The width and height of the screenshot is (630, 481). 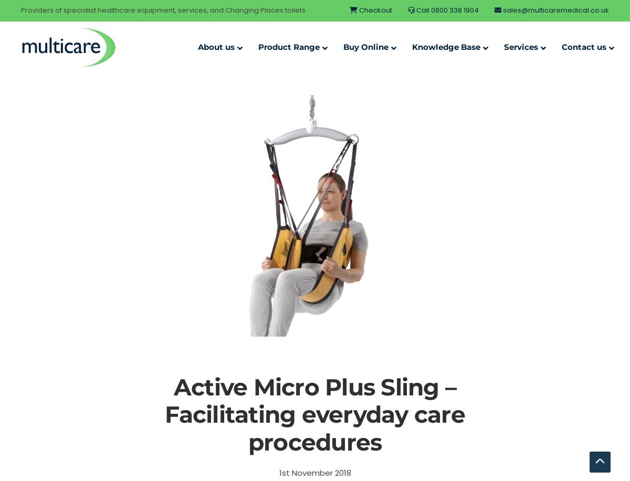 I want to click on 'Dodwells Bridge Industrial Estate', so click(x=495, y=133).